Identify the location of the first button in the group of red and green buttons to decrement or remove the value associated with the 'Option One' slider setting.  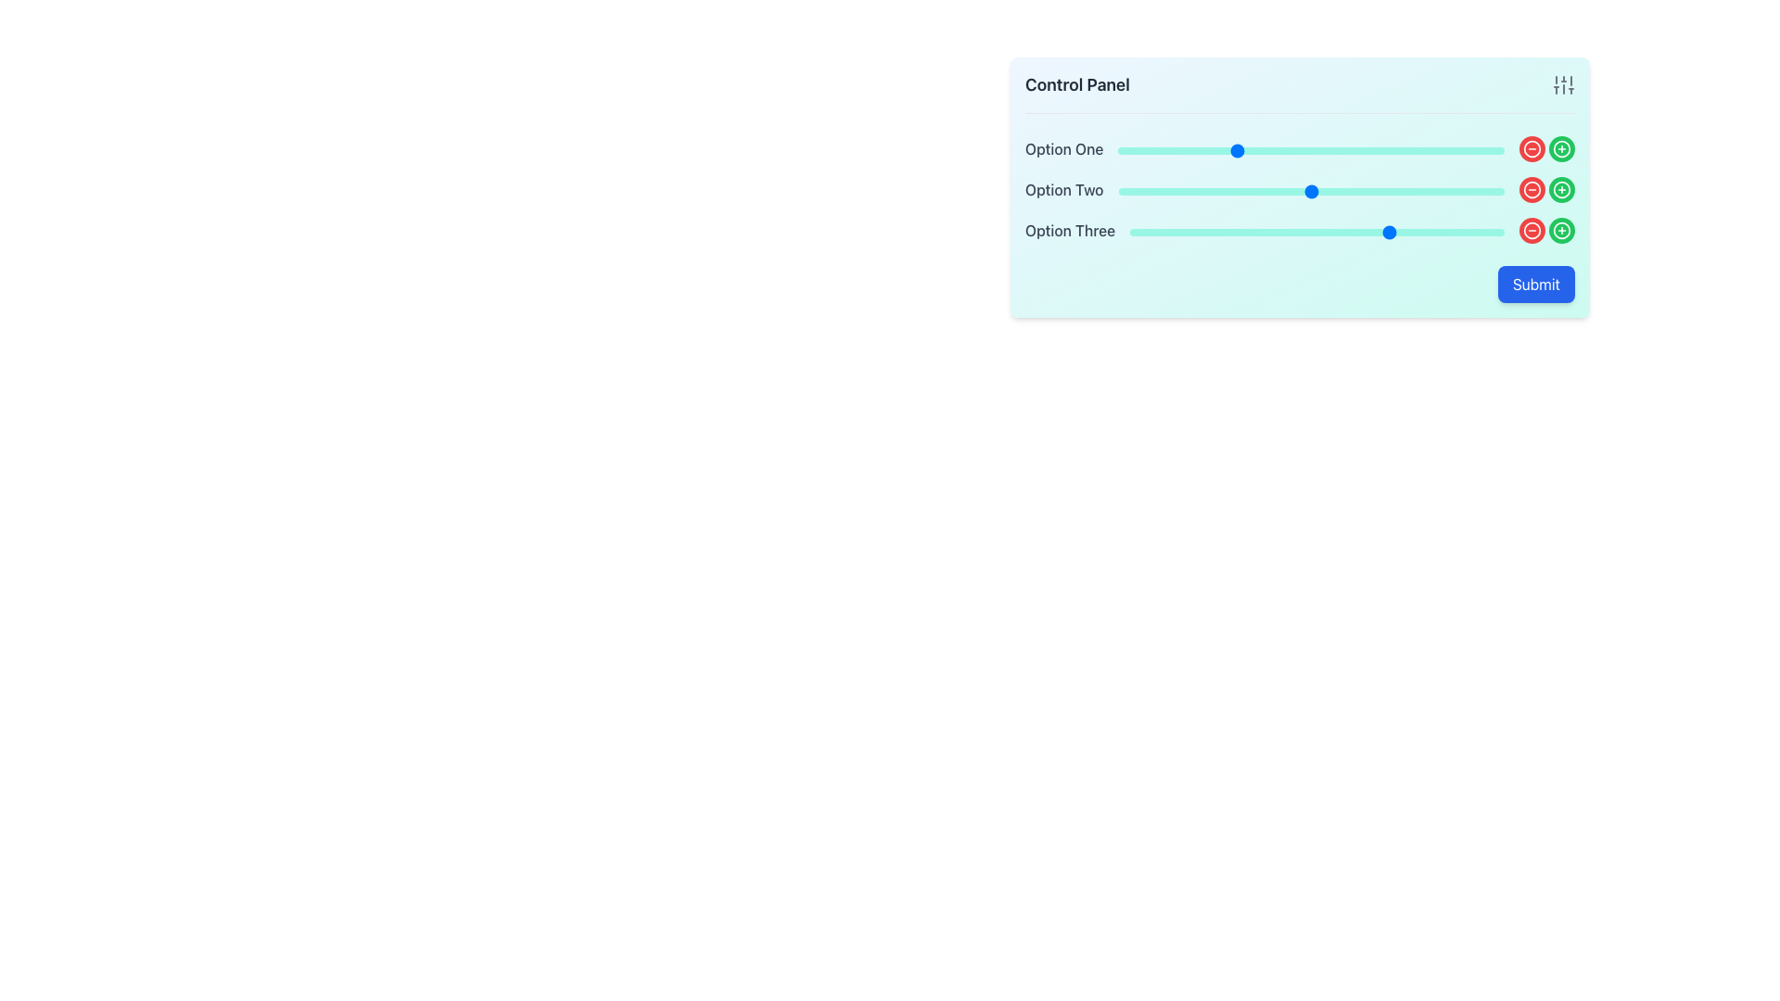
(1532, 148).